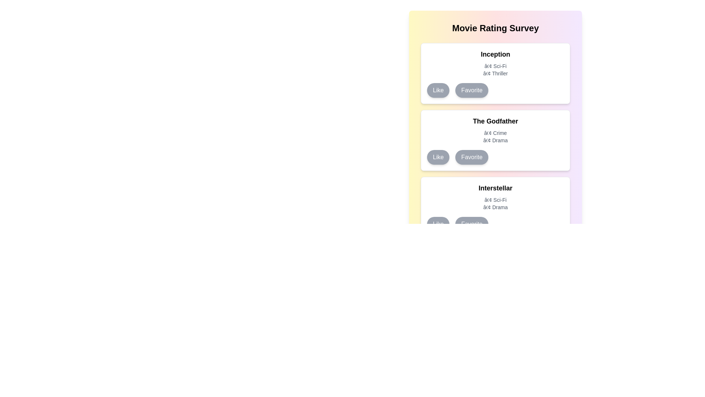  Describe the element at coordinates (472, 90) in the screenshot. I see `the gray button labeled 'Favorite'` at that location.